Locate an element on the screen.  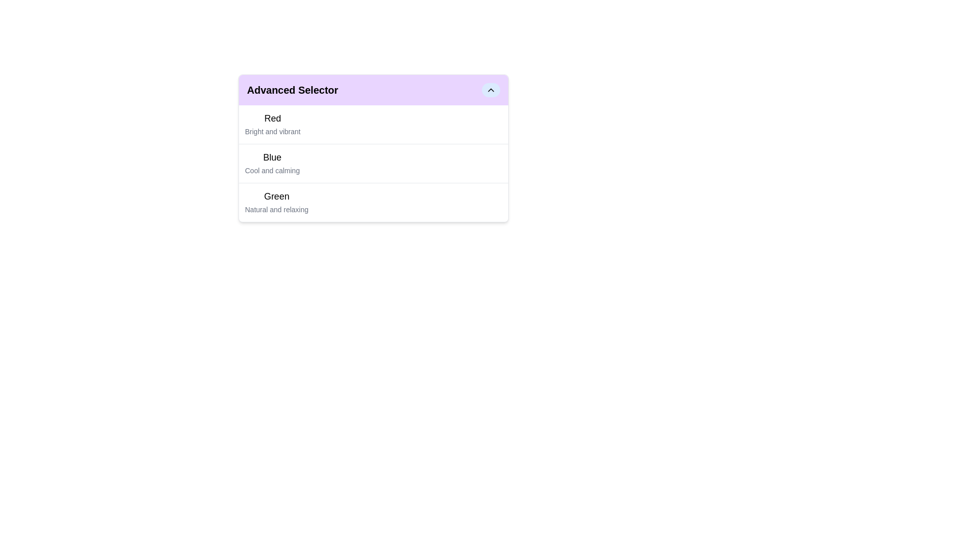
the second option in the list that indicates a preference for the 'Green' theme, which has the description 'Natural and relaxing' is located at coordinates (276, 203).